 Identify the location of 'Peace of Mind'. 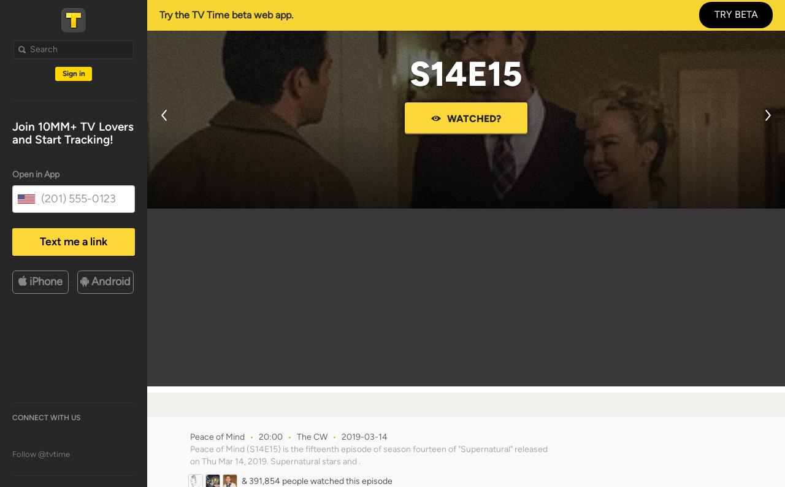
(217, 437).